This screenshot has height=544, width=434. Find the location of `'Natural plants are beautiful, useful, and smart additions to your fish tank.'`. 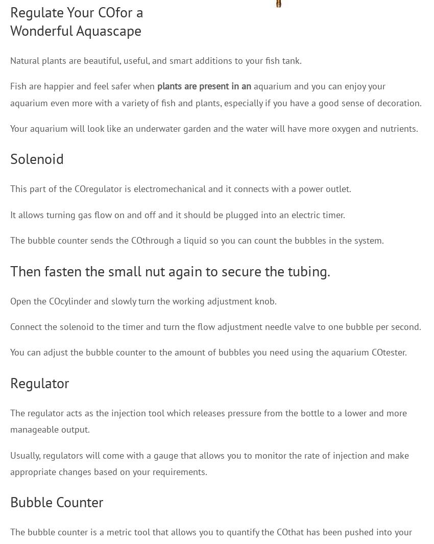

'Natural plants are beautiful, useful, and smart additions to your fish tank.' is located at coordinates (156, 59).